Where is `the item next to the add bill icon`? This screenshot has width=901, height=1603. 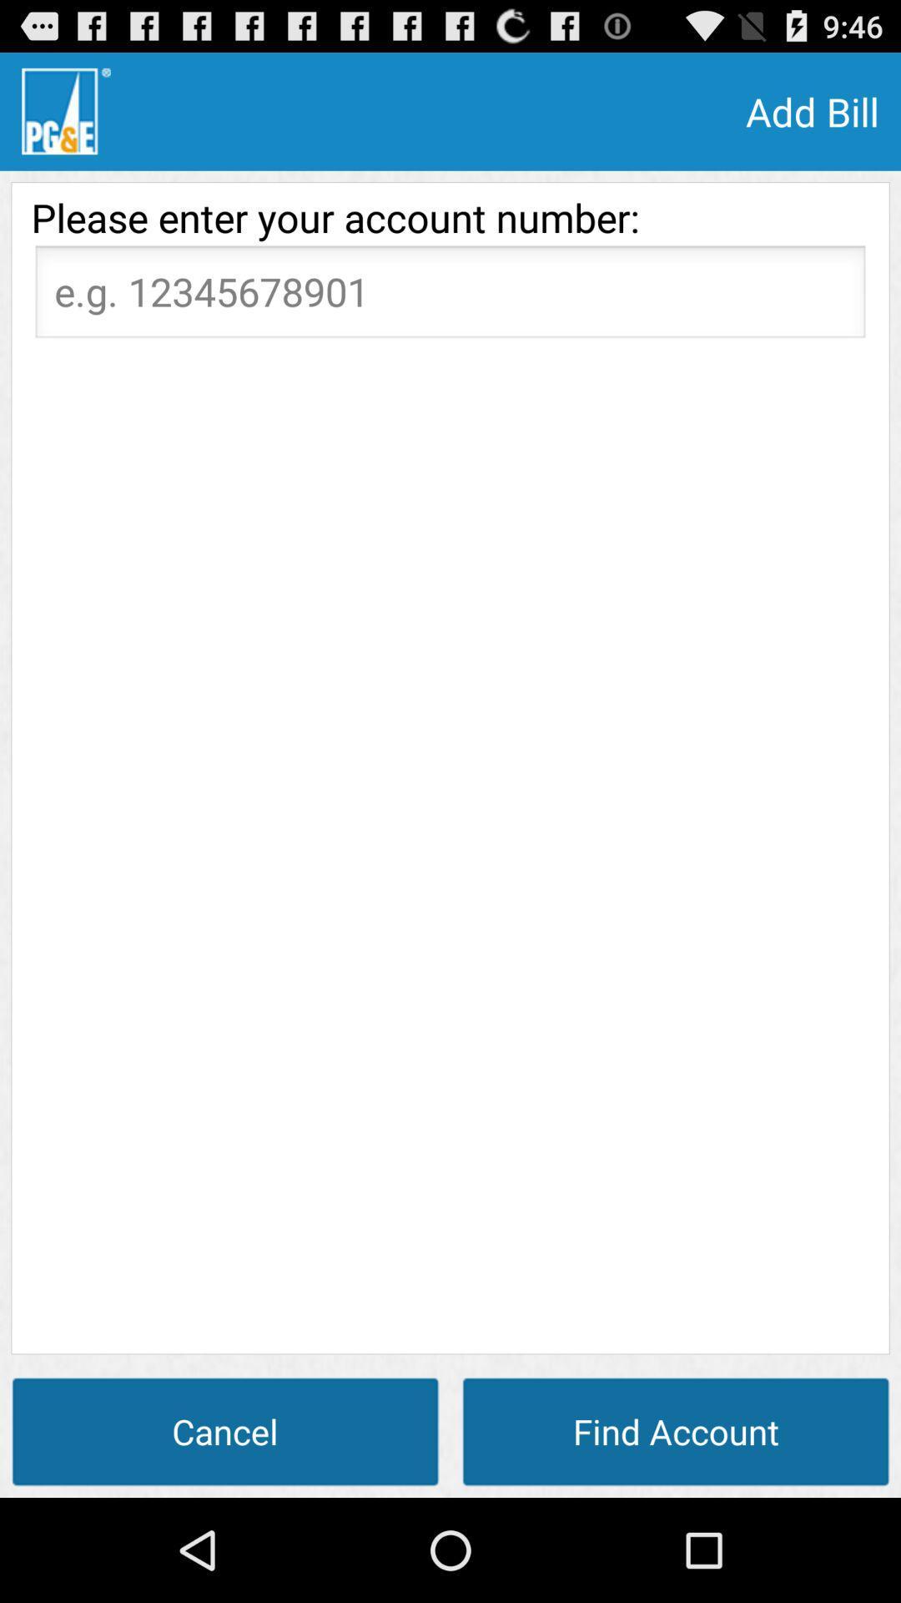 the item next to the add bill icon is located at coordinates (65, 110).